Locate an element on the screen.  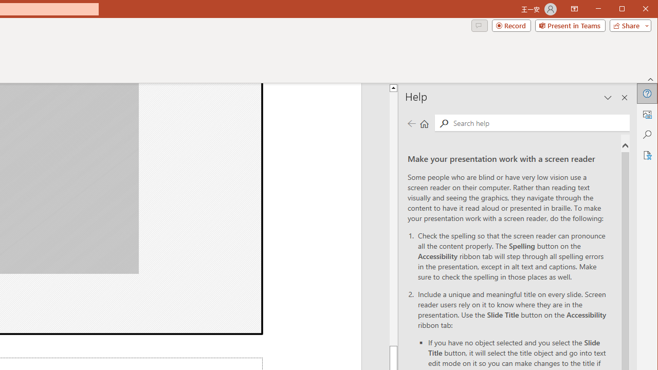
'Maximize' is located at coordinates (636, 10).